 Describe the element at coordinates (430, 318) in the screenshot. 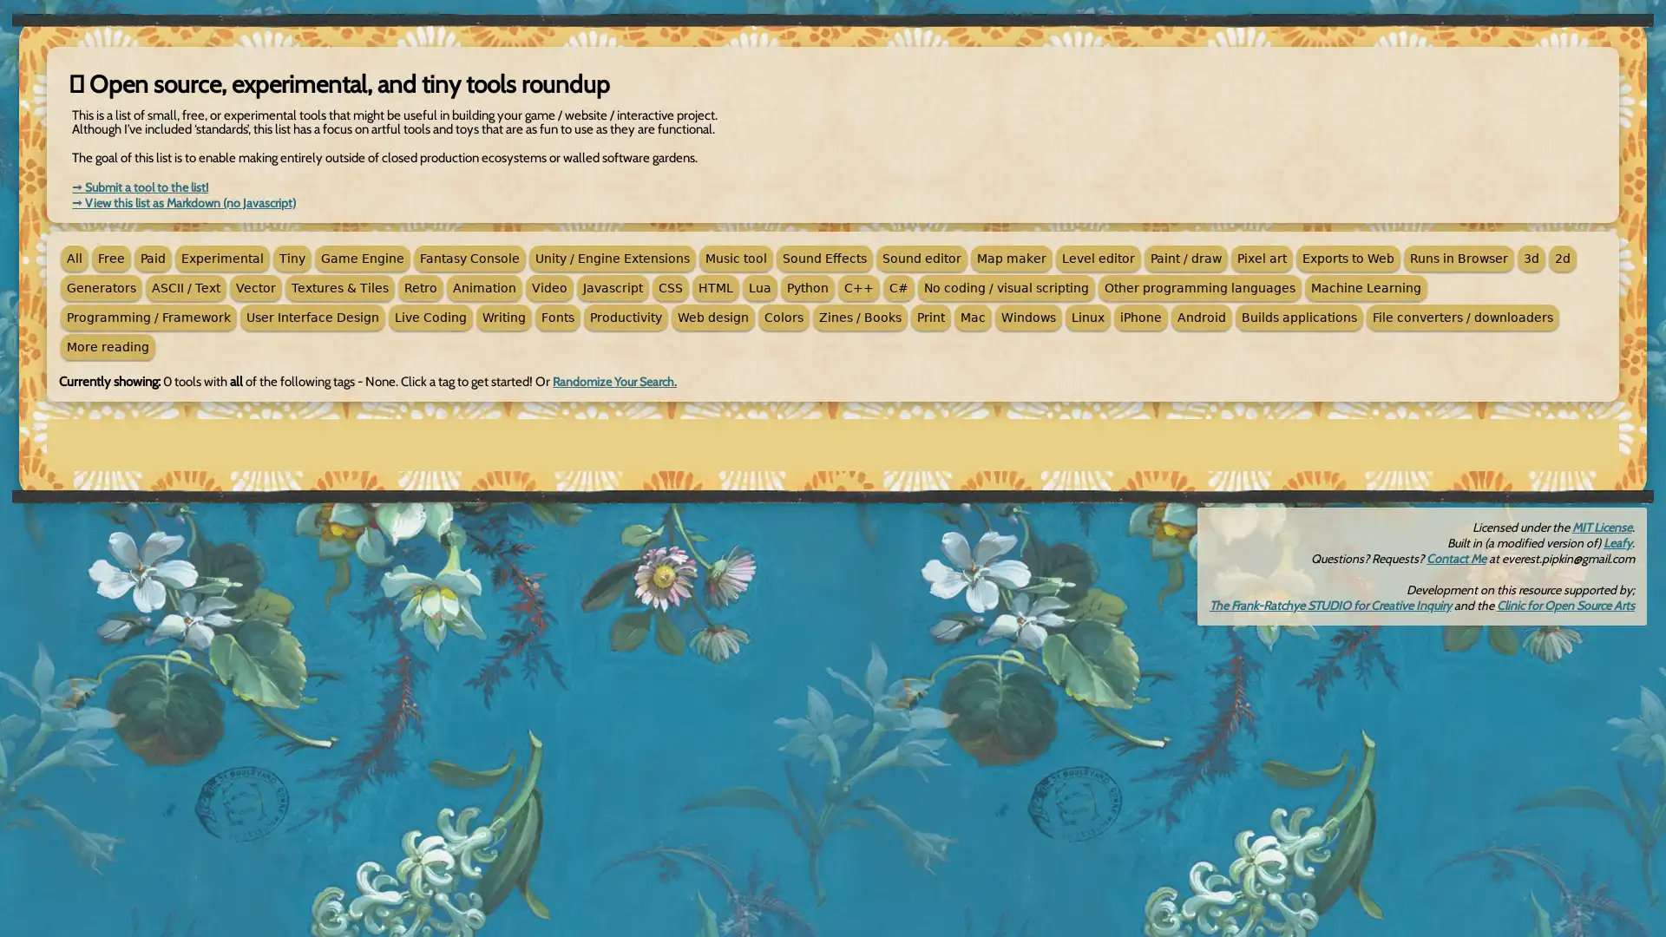

I see `Live Coding` at that location.